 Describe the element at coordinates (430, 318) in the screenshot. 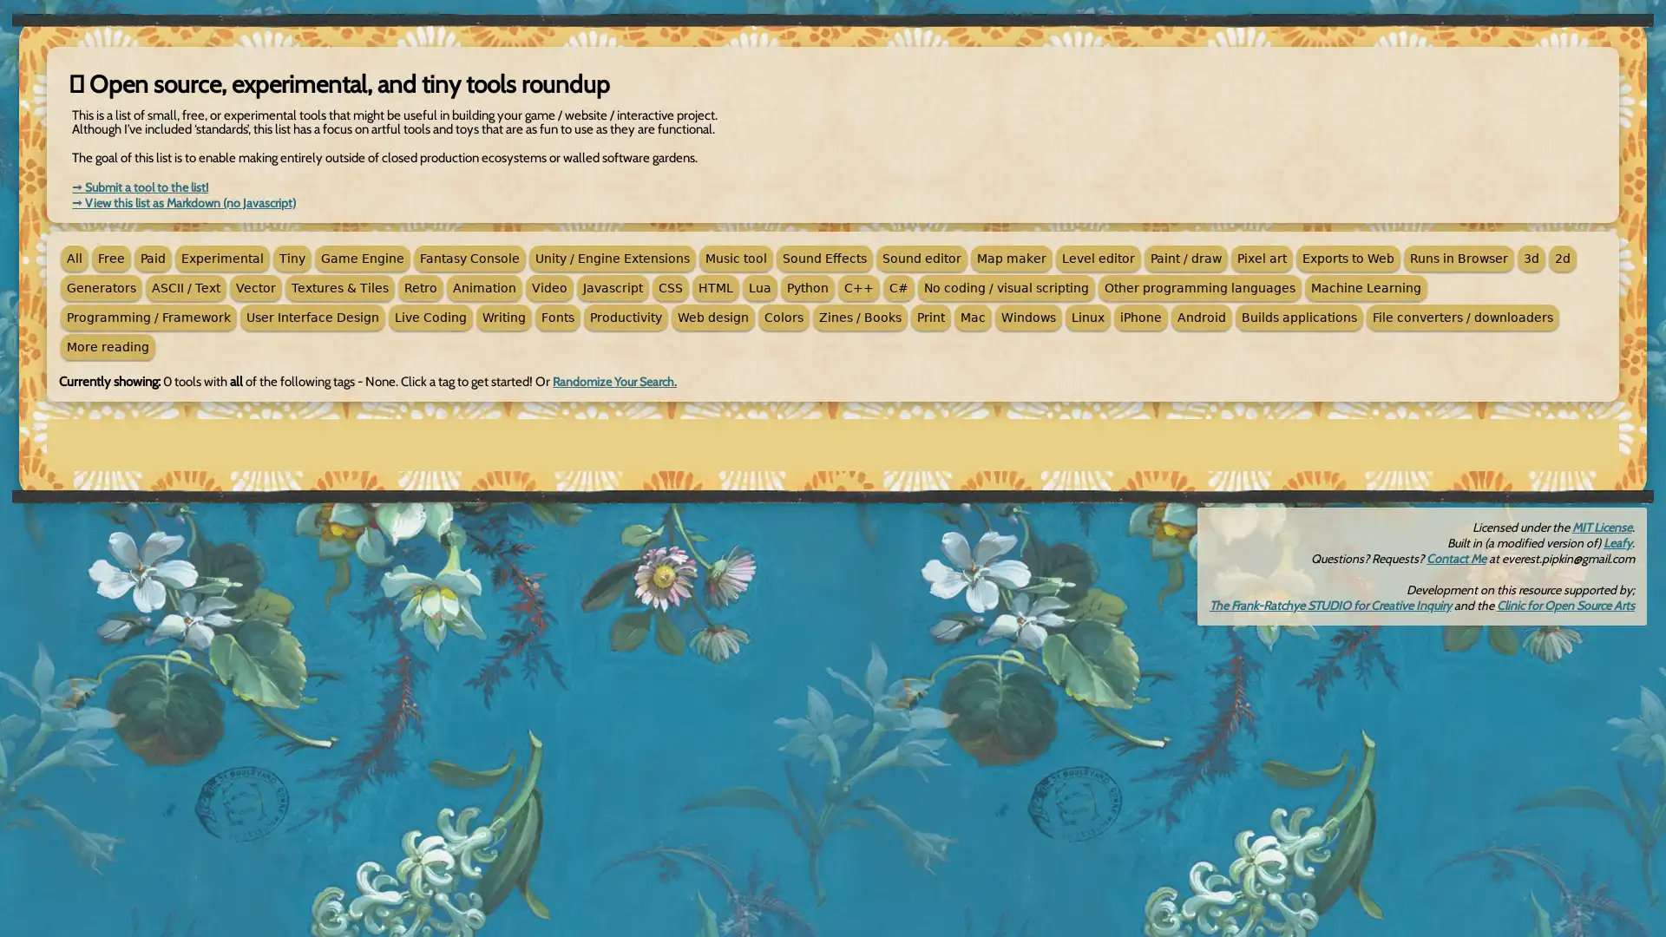

I see `Live Coding` at that location.